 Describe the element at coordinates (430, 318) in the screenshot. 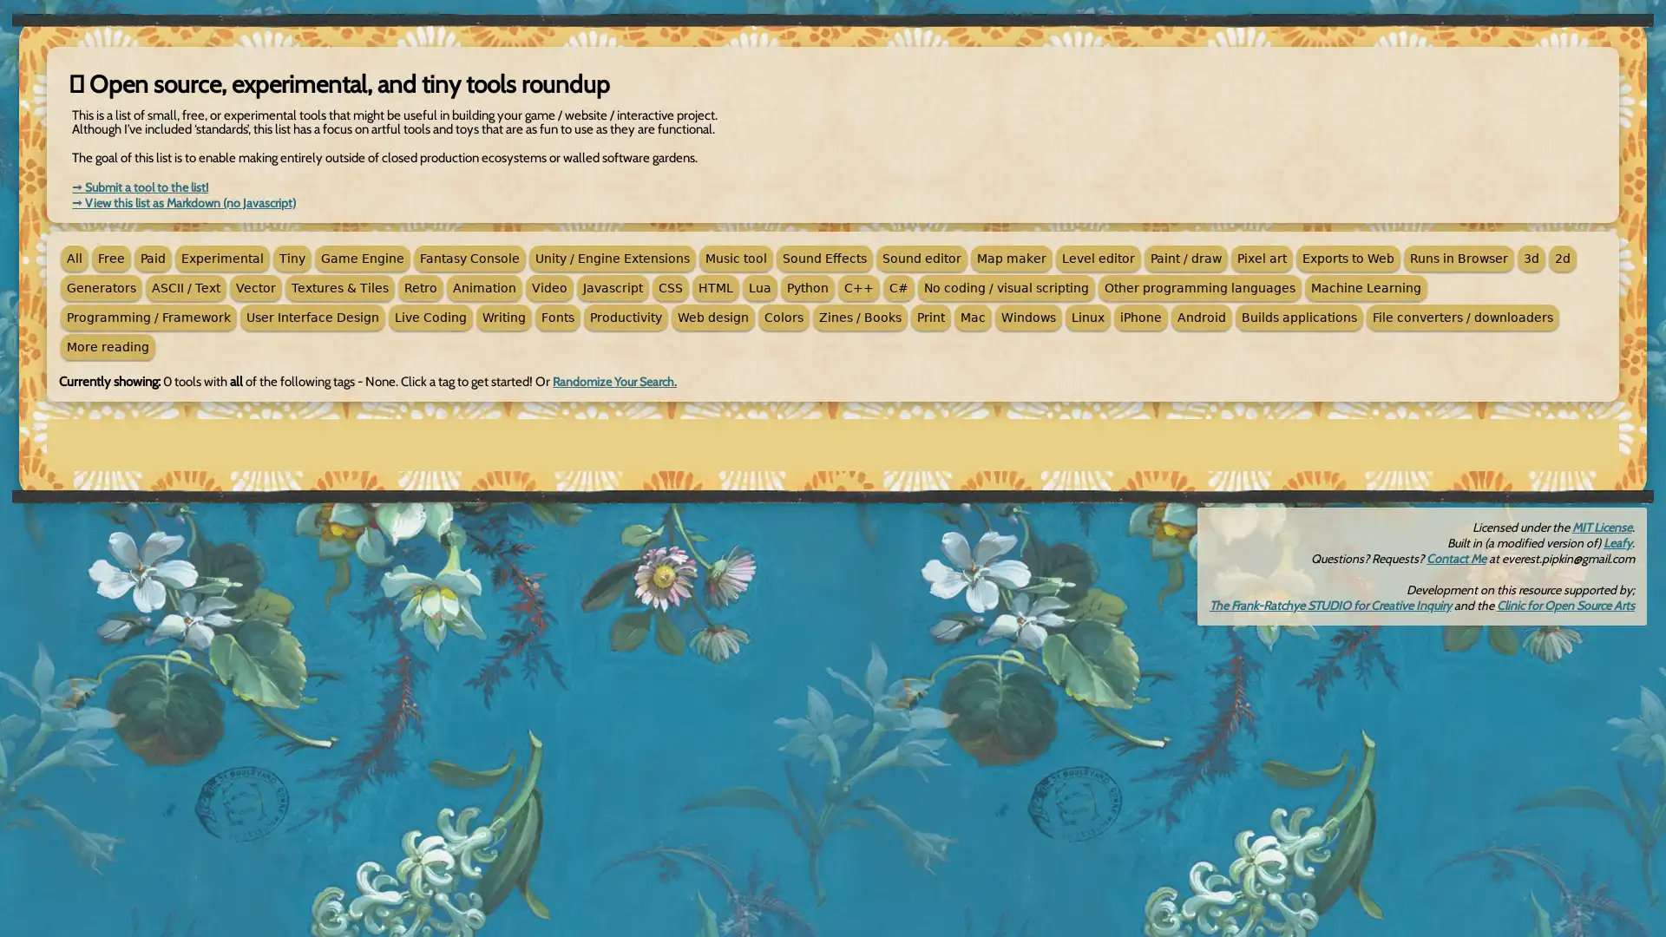

I see `Live Coding` at that location.